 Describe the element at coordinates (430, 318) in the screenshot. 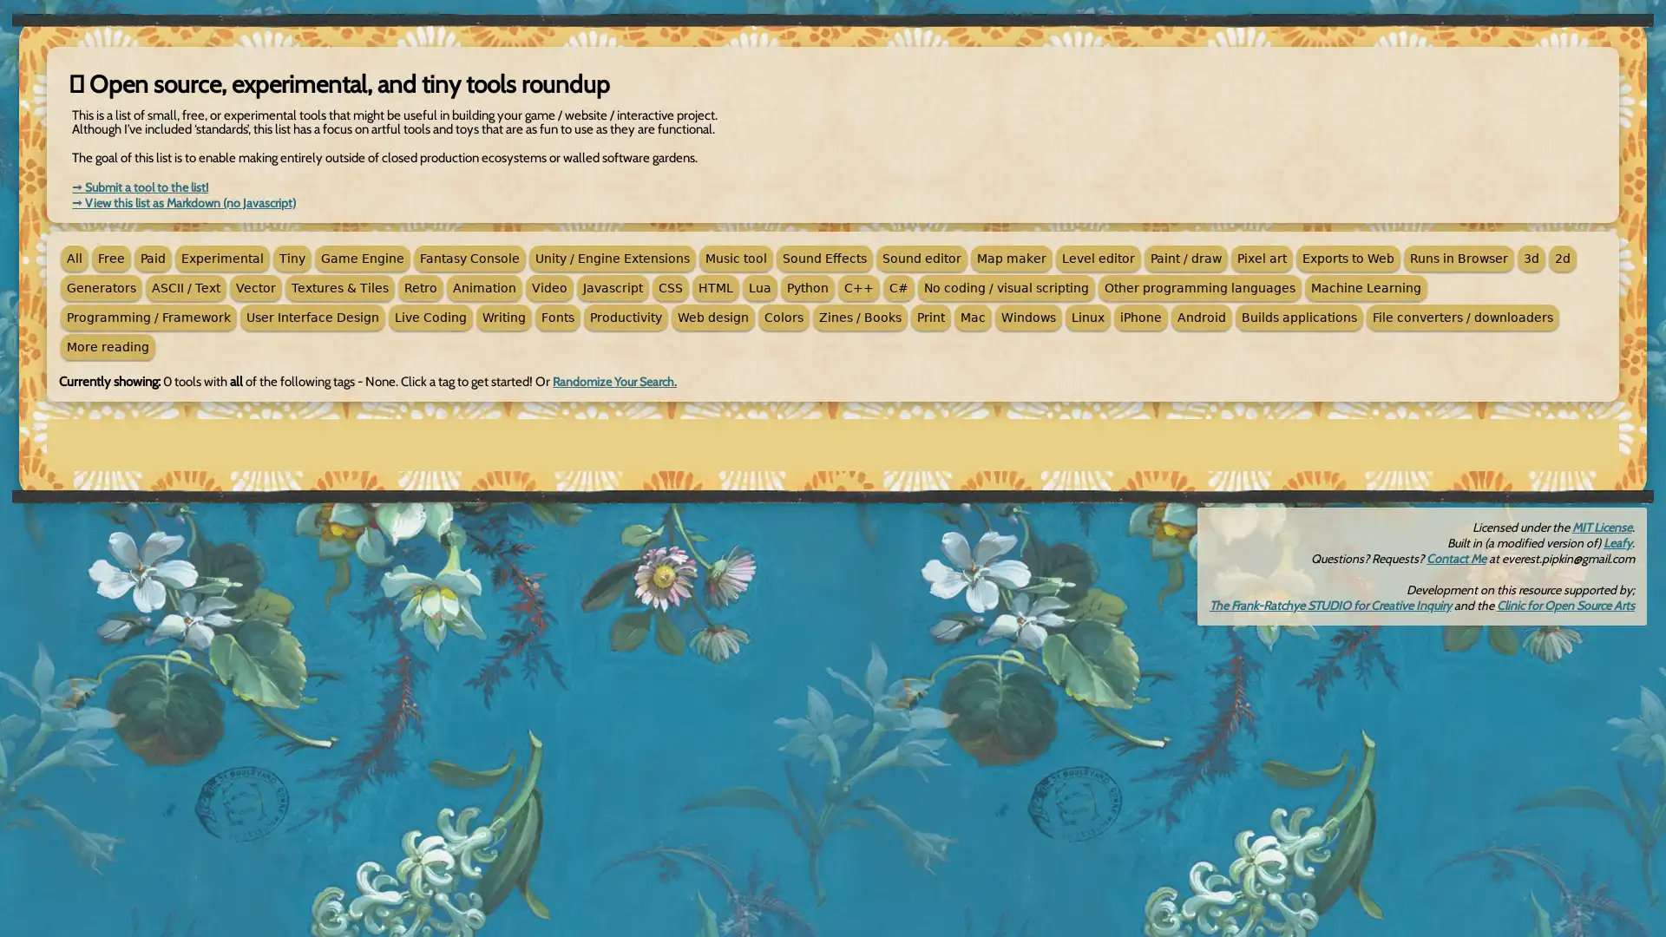

I see `Live Coding` at that location.